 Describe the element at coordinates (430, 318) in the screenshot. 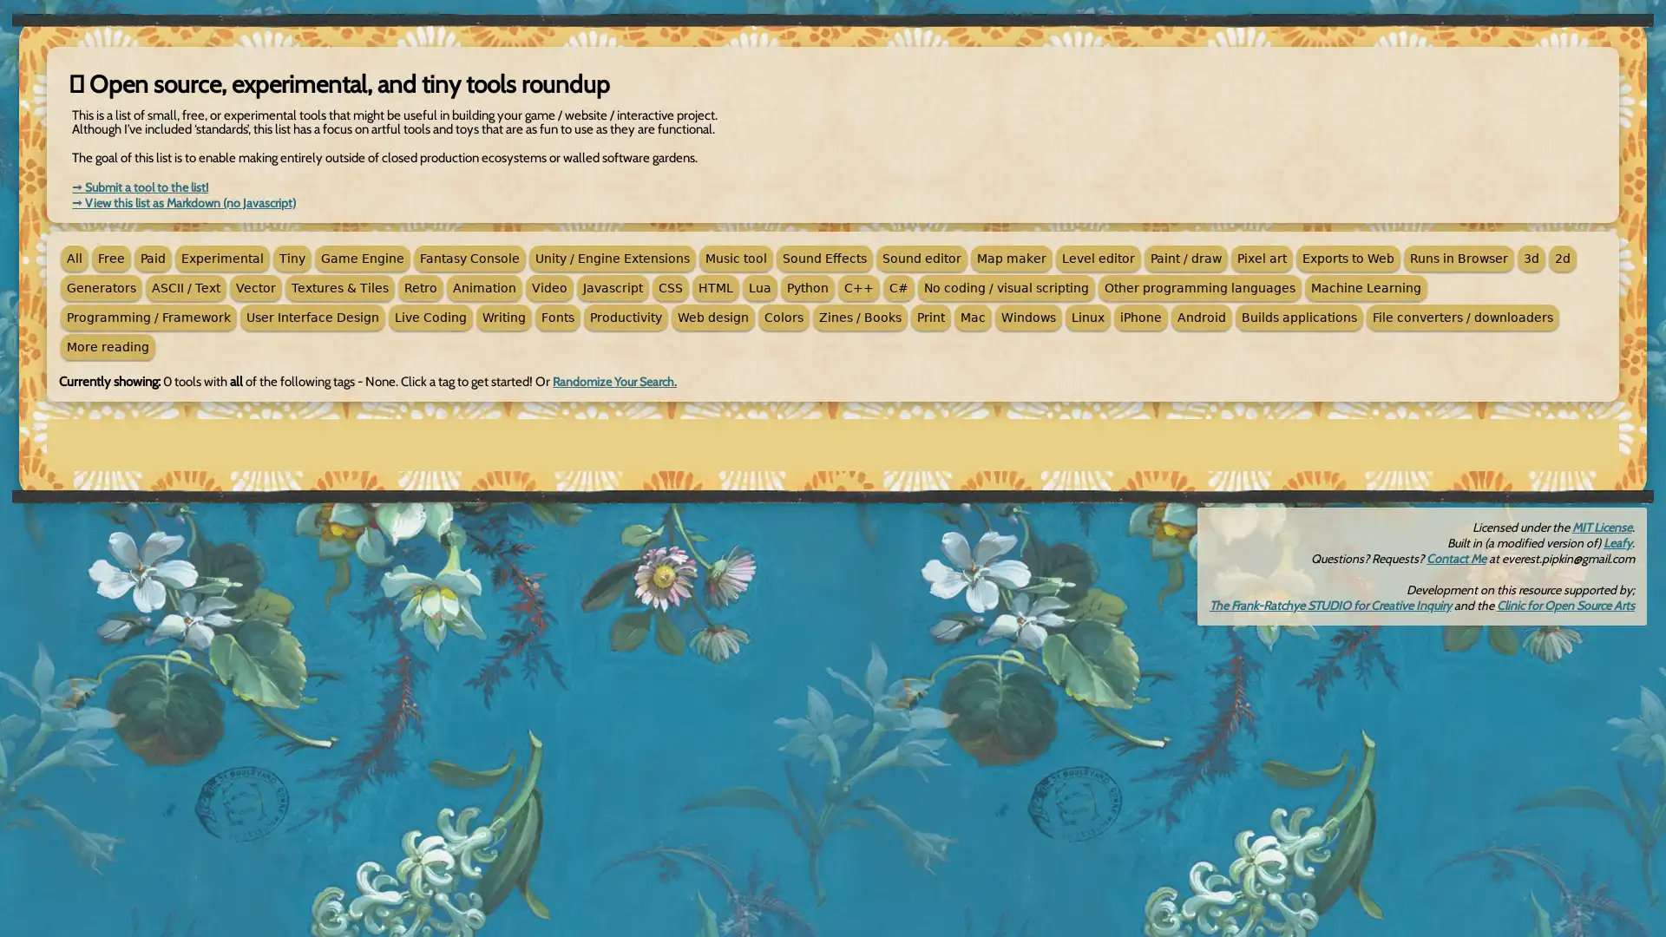

I see `Live Coding` at that location.